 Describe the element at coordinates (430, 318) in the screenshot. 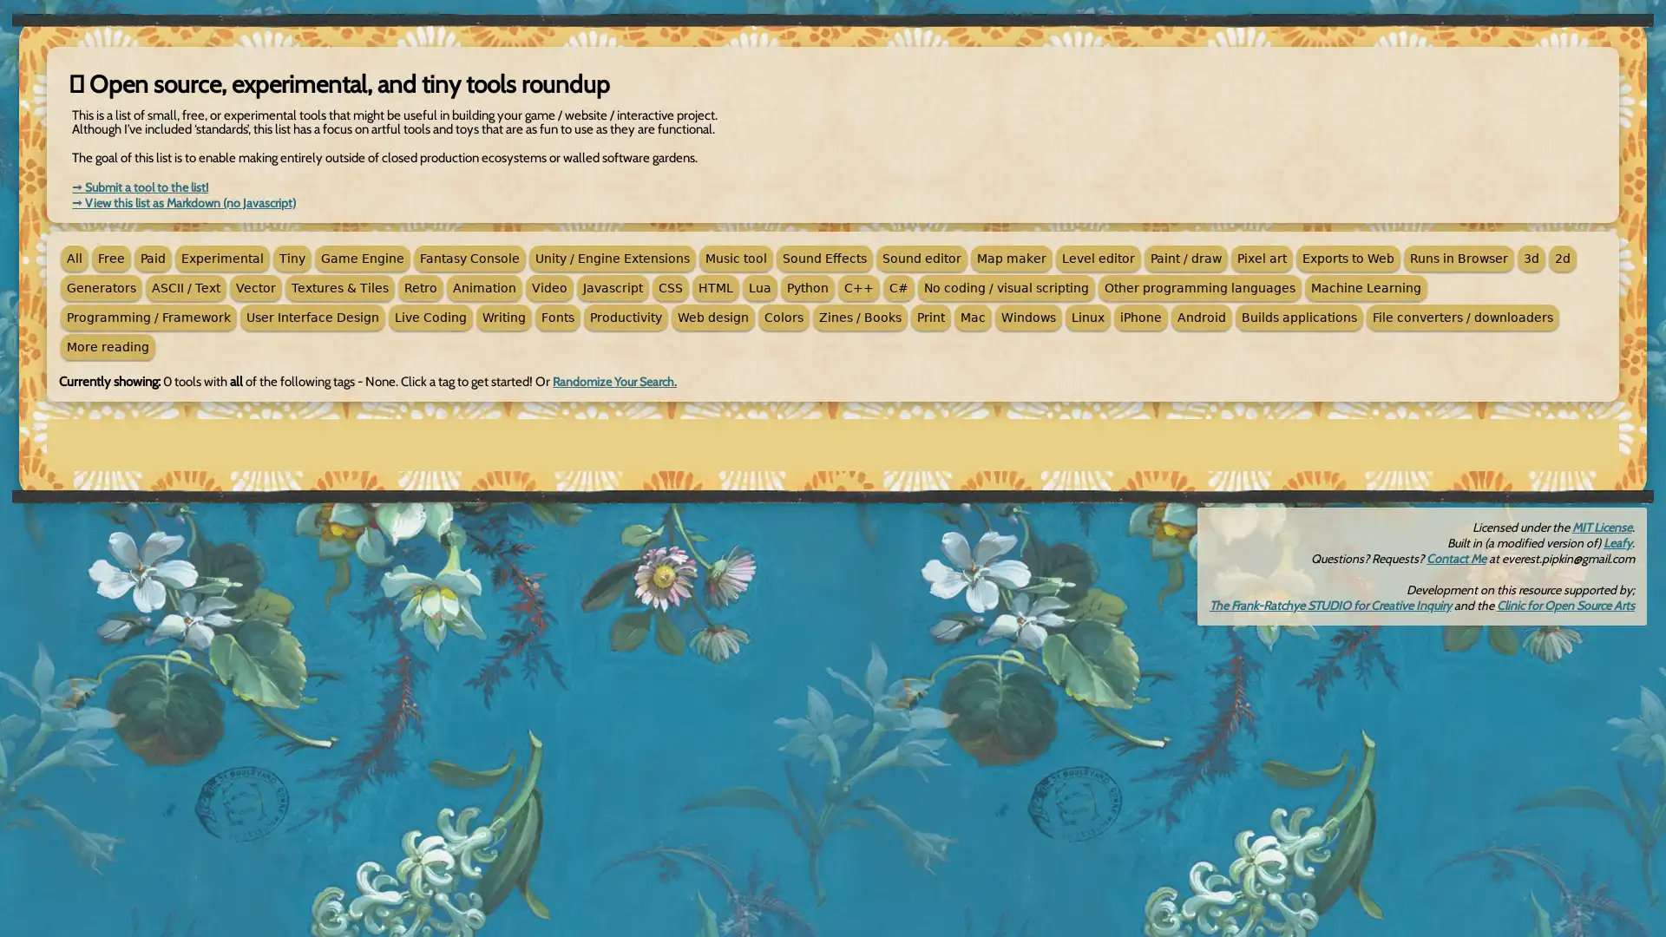

I see `Live Coding` at that location.